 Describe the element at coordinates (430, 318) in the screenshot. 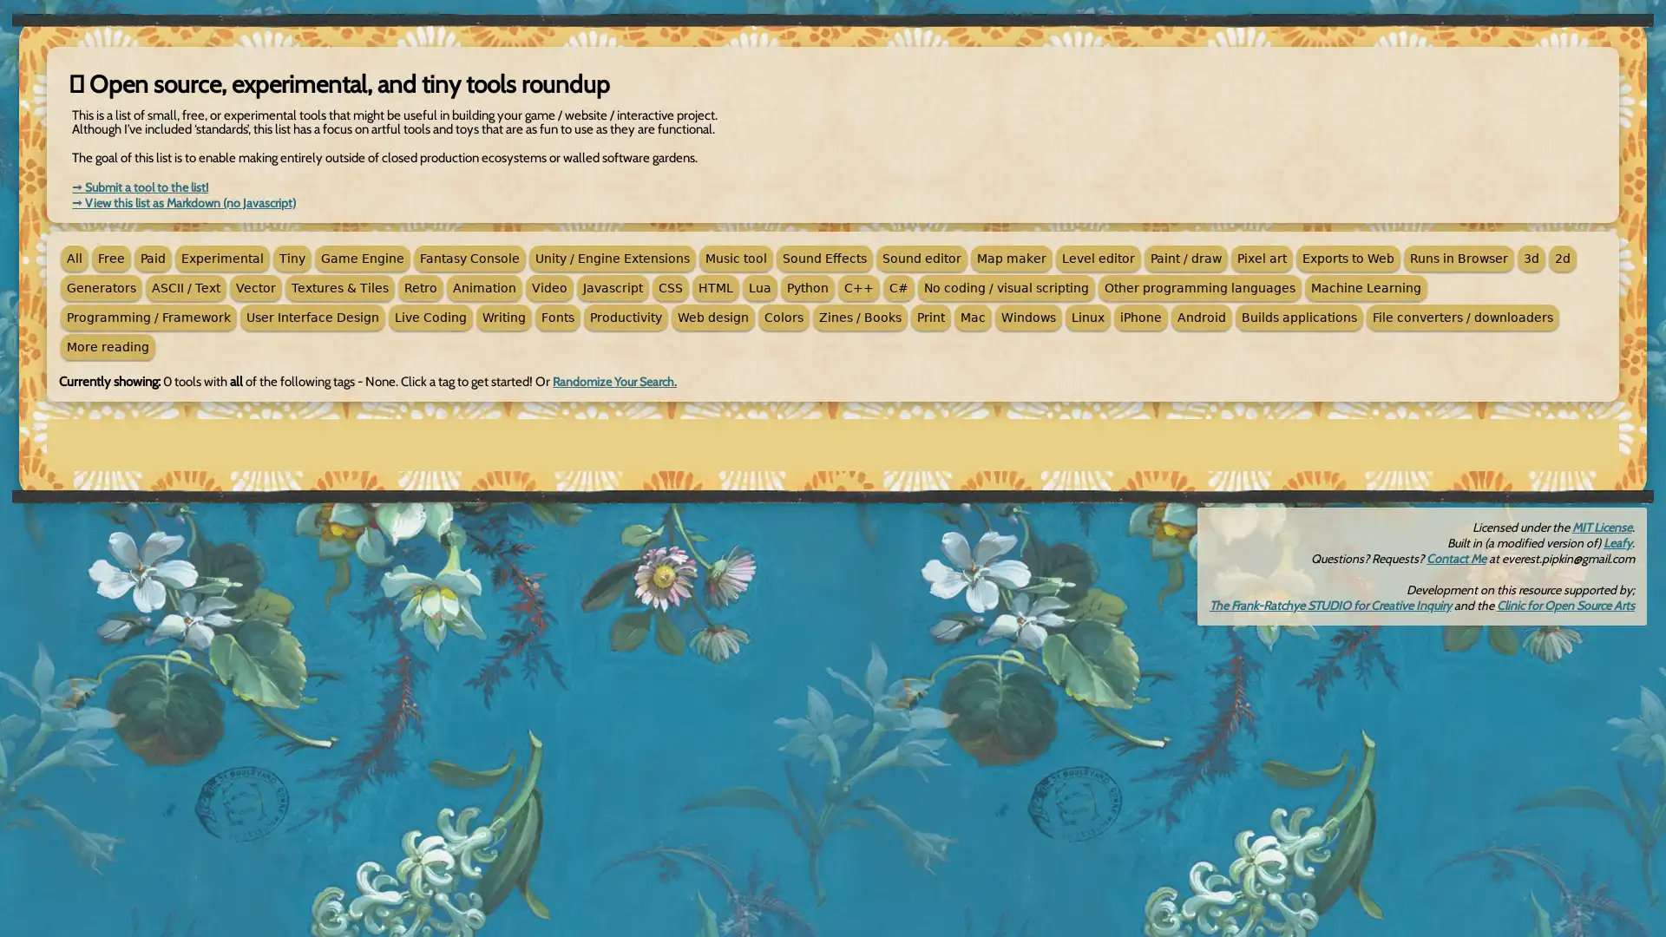

I see `Live Coding` at that location.